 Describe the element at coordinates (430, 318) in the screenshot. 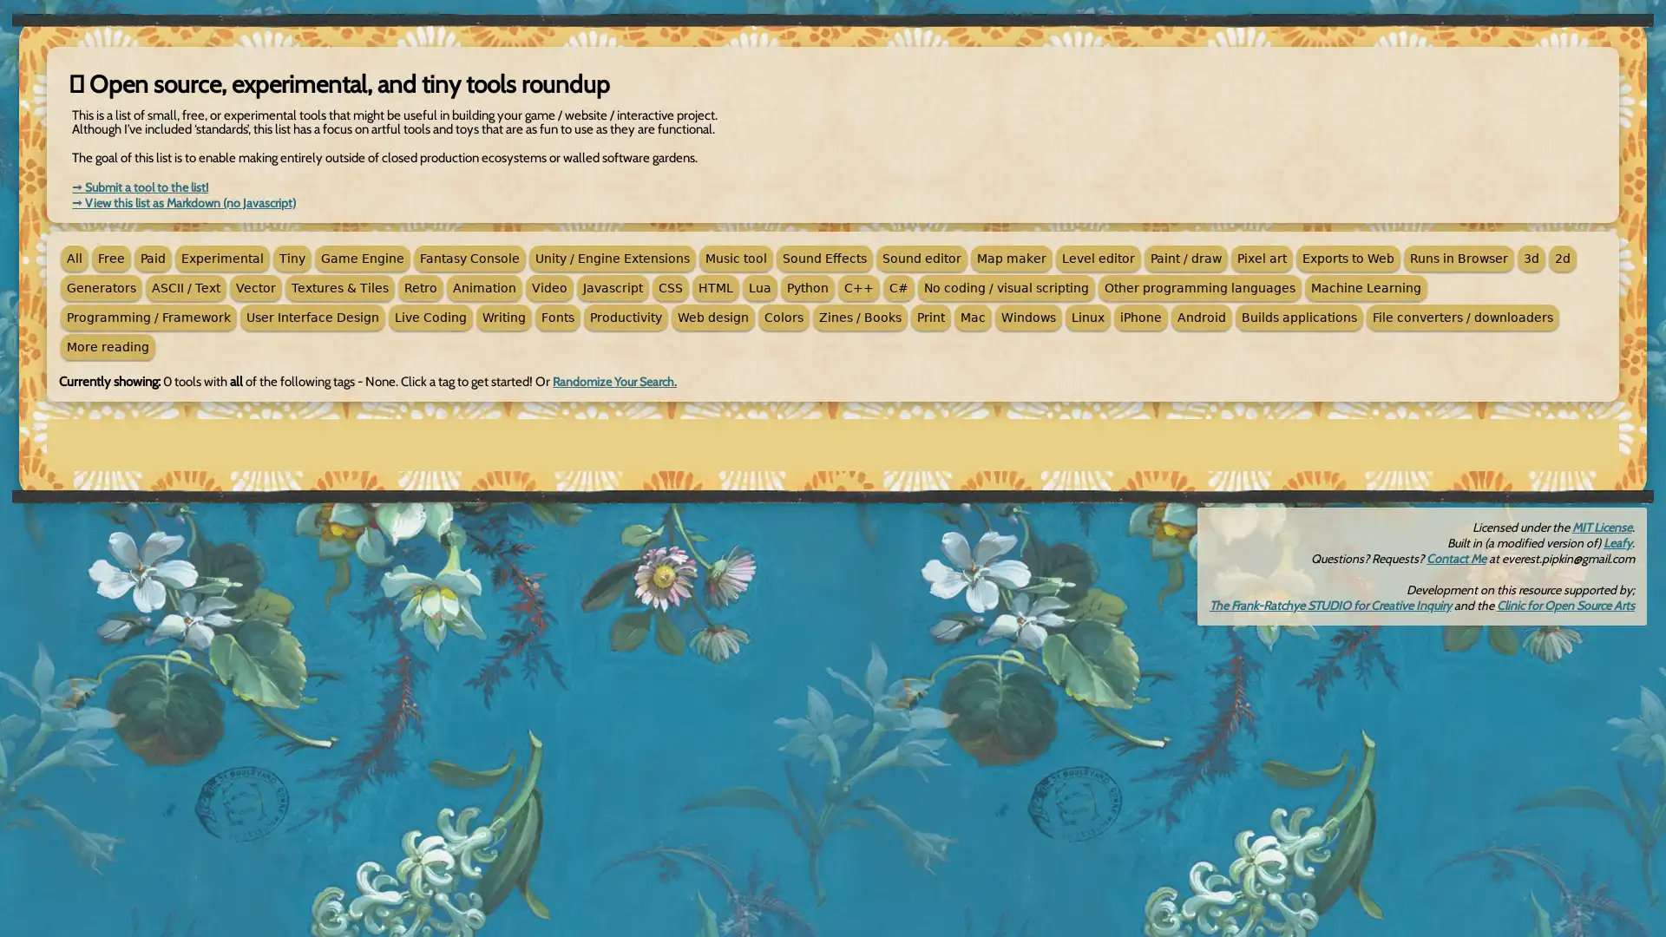

I see `Live Coding` at that location.